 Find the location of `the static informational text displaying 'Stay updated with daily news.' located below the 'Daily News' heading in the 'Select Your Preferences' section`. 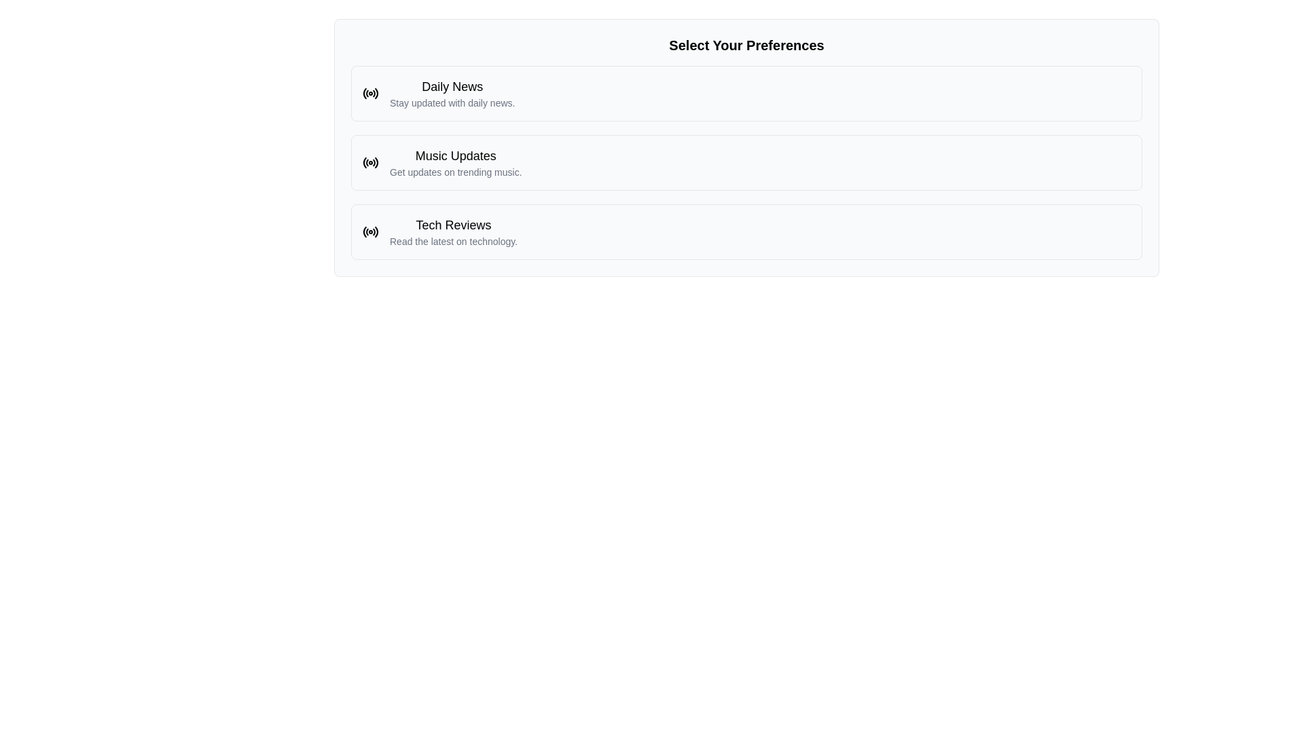

the static informational text displaying 'Stay updated with daily news.' located below the 'Daily News' heading in the 'Select Your Preferences' section is located at coordinates (452, 102).